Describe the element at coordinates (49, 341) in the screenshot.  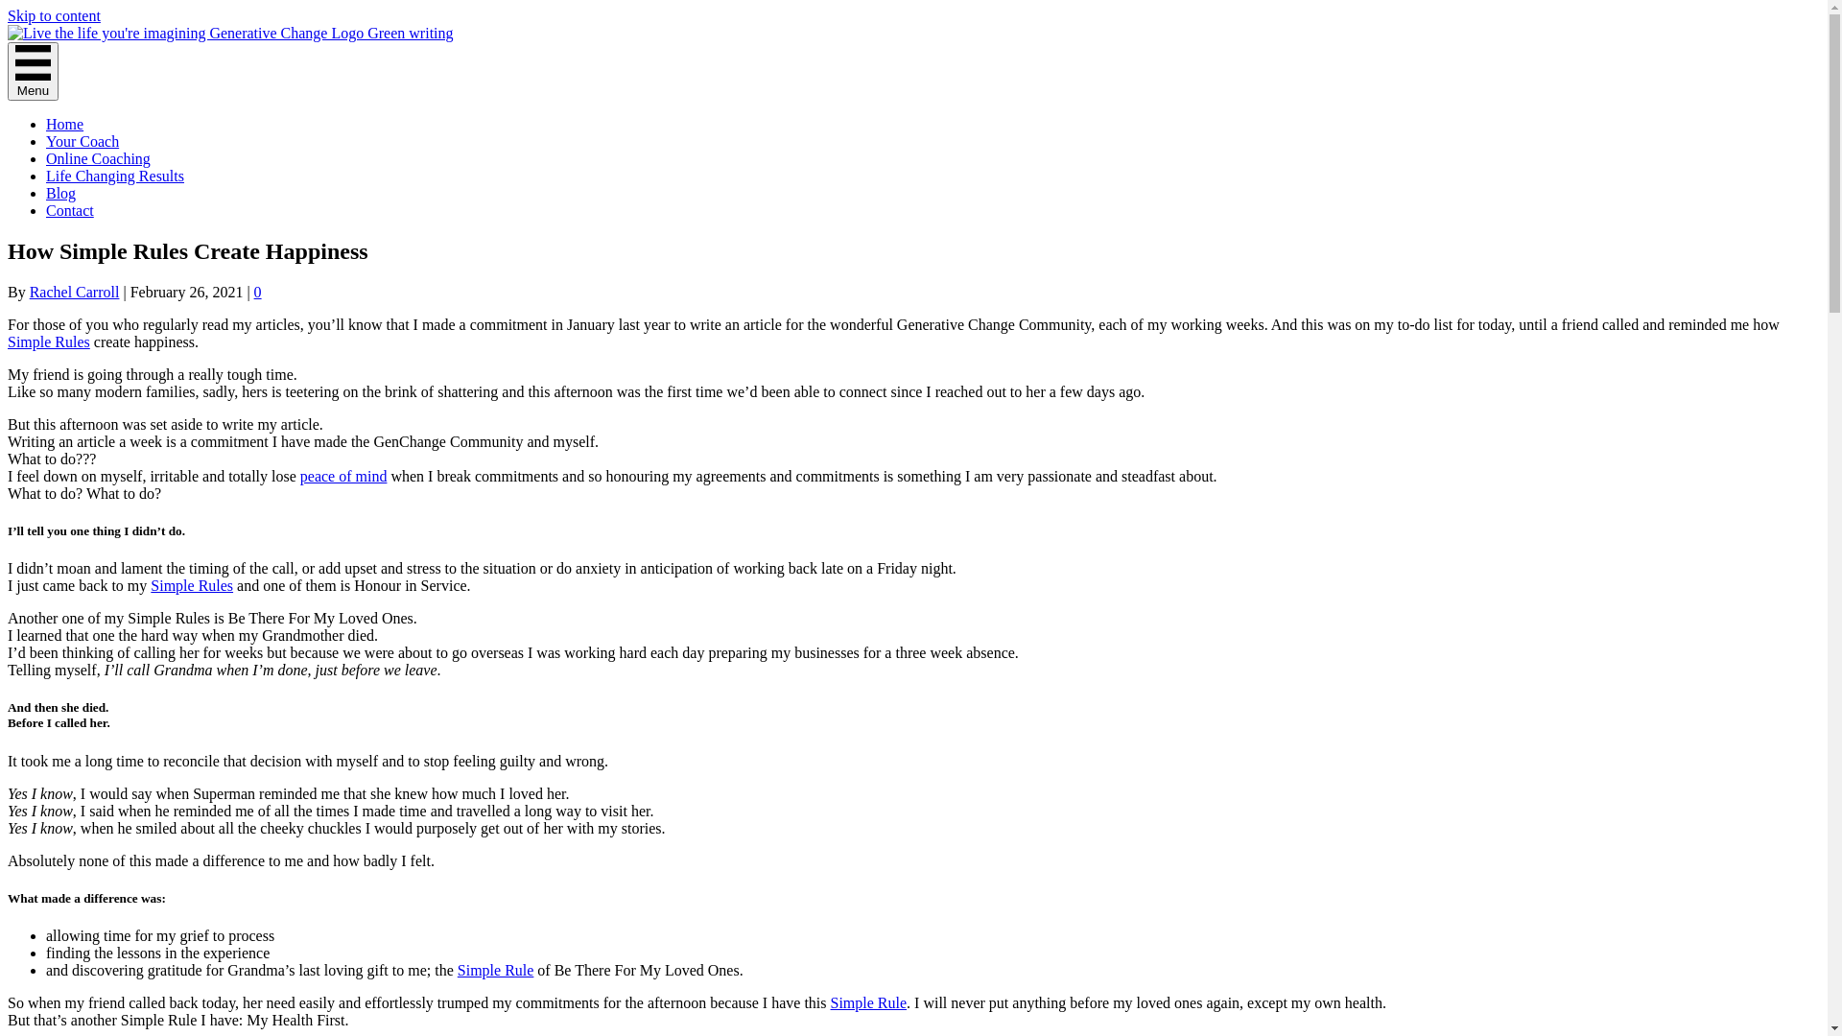
I see `'Simple Rules'` at that location.